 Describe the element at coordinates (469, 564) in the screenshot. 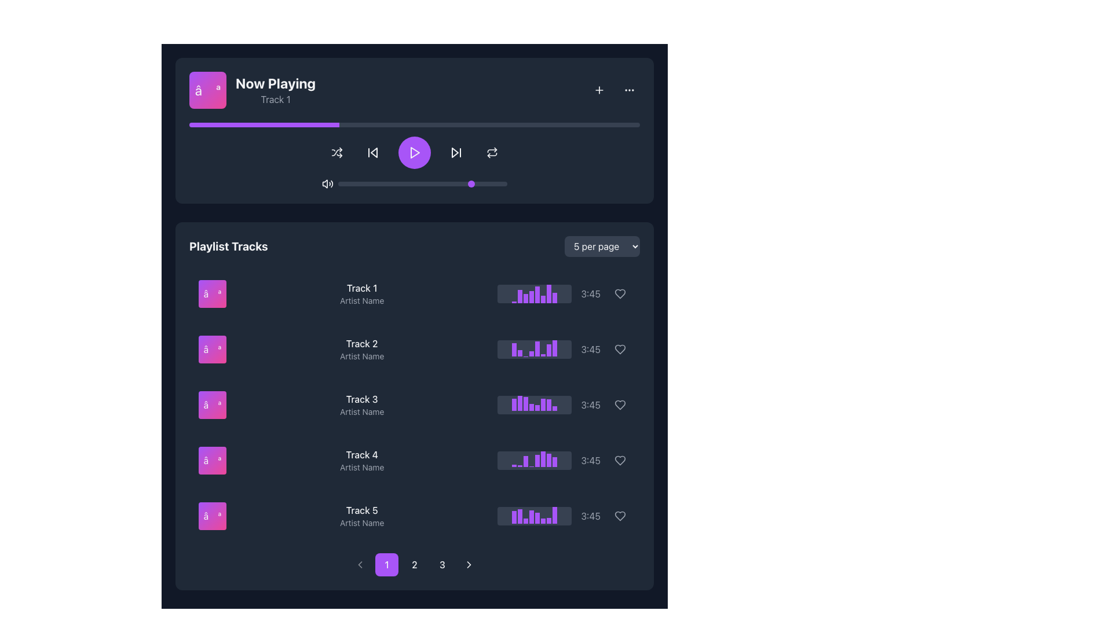

I see `the 'Next Page' button located at the bottom-right corner of the pagination control to change its appearance` at that location.